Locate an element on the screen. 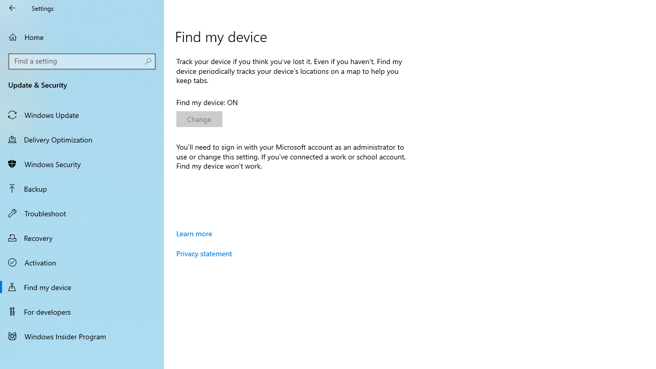  'Windows Security' is located at coordinates (82, 163).